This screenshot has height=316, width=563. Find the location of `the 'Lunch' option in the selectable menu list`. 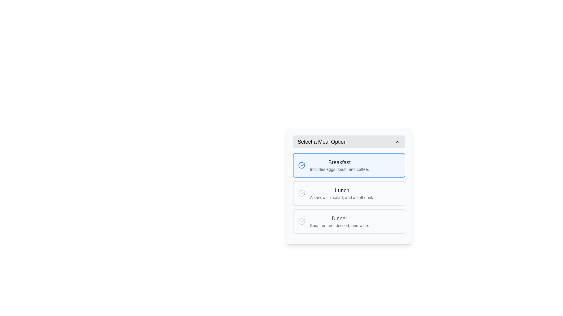

the 'Lunch' option in the selectable menu list is located at coordinates (349, 193).